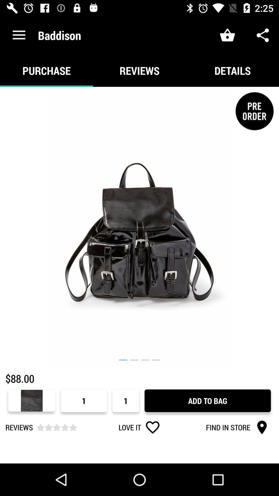 The height and width of the screenshot is (496, 279). I want to click on image, so click(139, 226).